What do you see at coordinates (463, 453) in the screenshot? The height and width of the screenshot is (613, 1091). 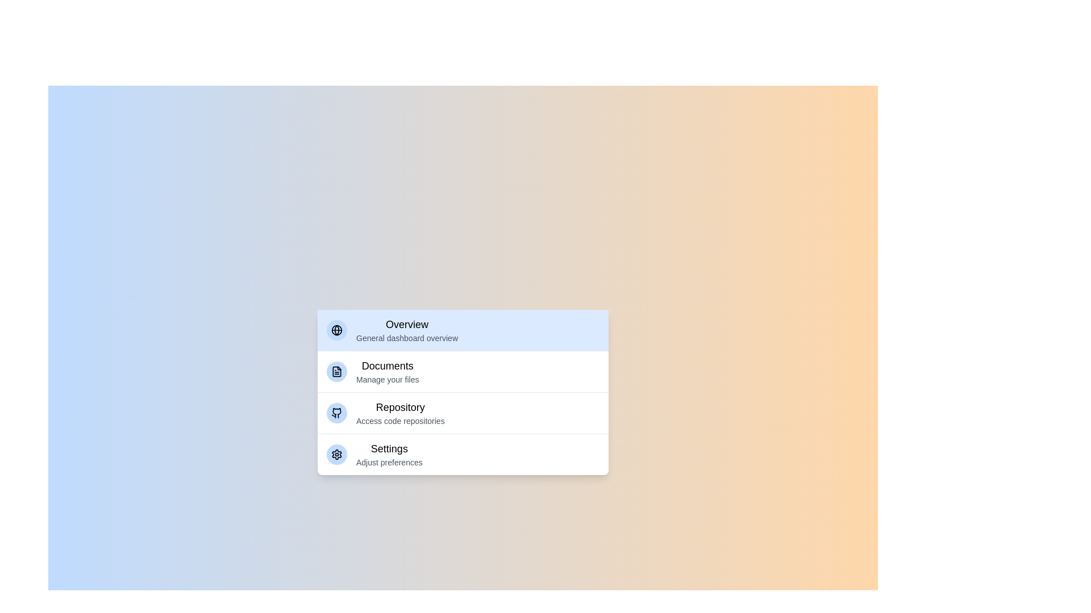 I see `the category Settings from the menu` at bounding box center [463, 453].